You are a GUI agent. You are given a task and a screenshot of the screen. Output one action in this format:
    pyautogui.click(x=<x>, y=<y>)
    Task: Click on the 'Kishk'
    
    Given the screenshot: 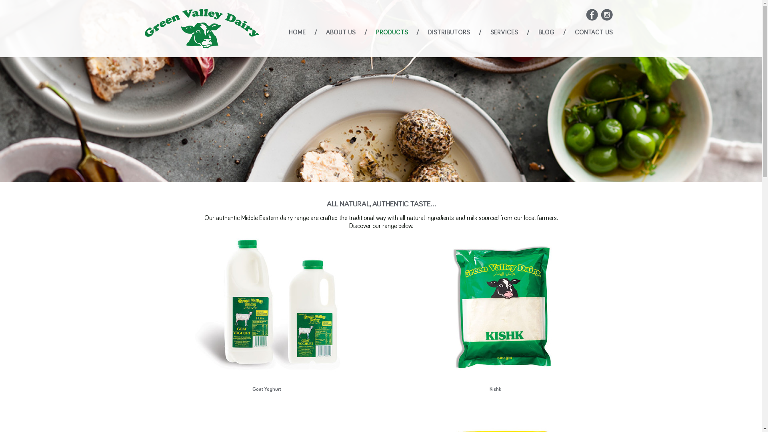 What is the action you would take?
    pyautogui.click(x=495, y=313)
    